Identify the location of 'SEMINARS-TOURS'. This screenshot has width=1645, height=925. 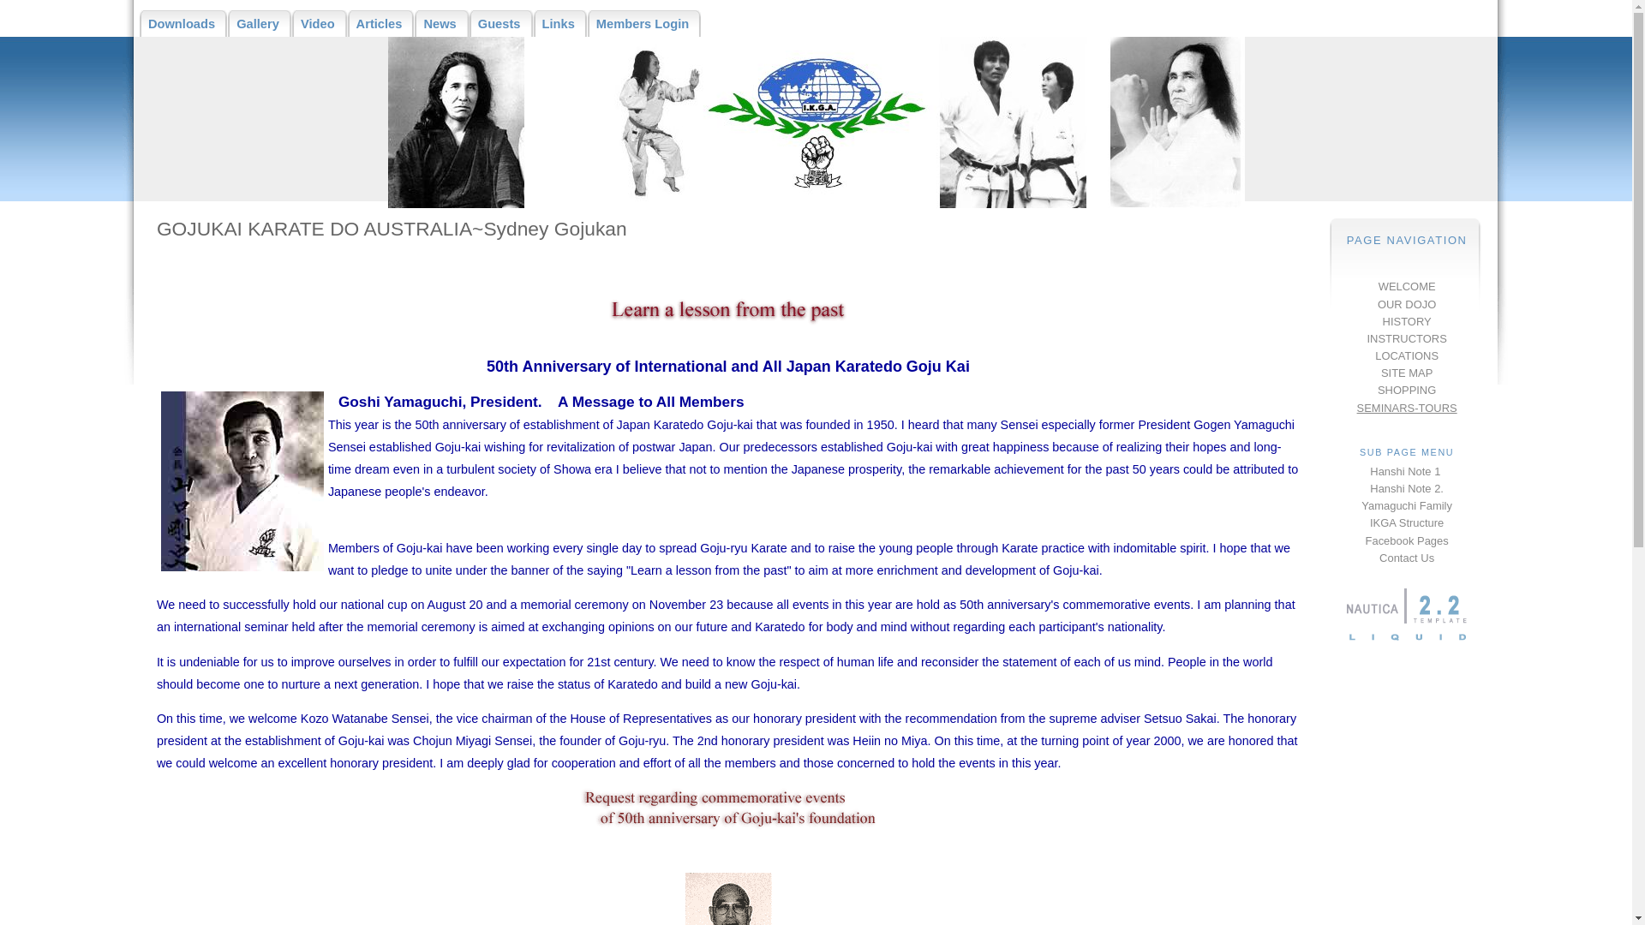
(1407, 407).